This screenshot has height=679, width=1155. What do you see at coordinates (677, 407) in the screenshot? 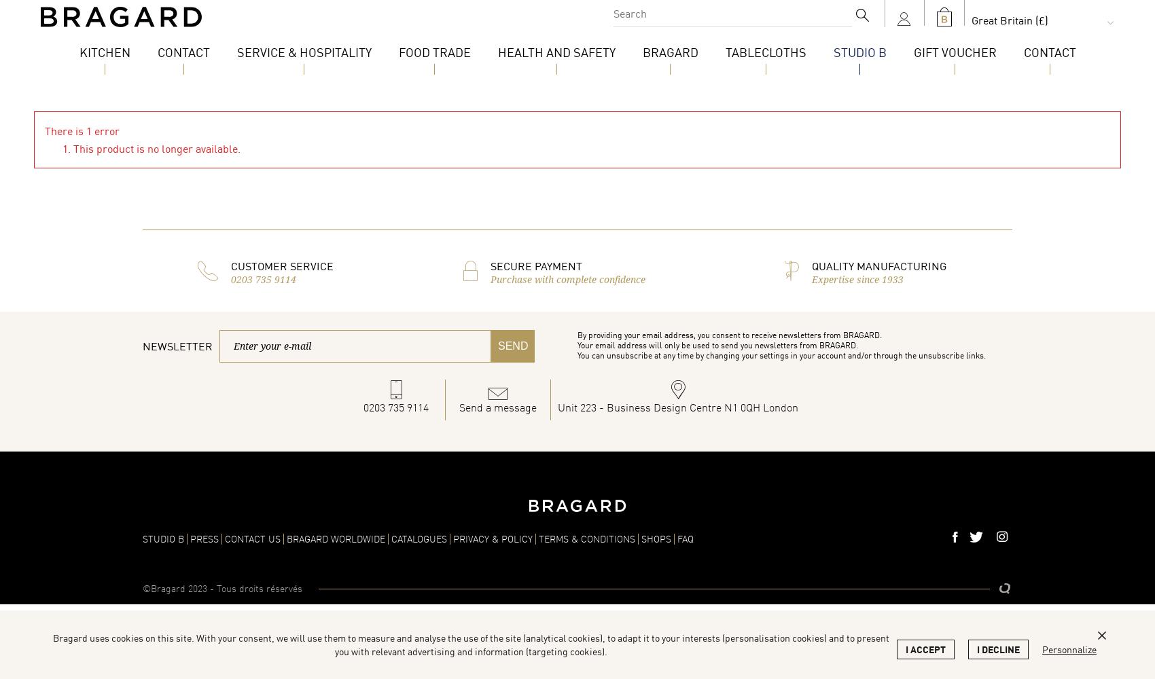
I see `'Unit 223 - Business Design Centre N1 0QH London'` at bounding box center [677, 407].